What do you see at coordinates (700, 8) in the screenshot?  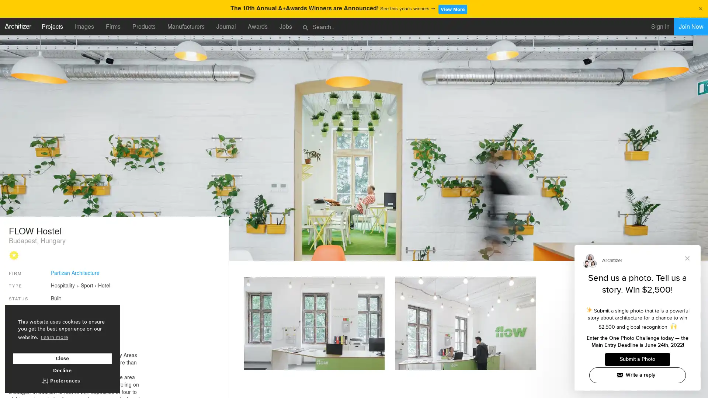 I see `close` at bounding box center [700, 8].